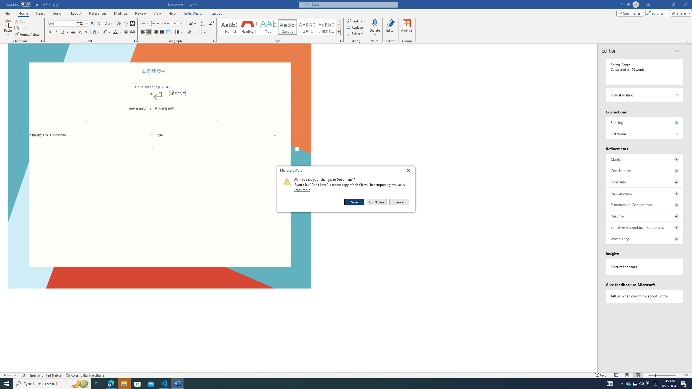 This screenshot has width=692, height=389. I want to click on 'Row up', so click(338, 22).